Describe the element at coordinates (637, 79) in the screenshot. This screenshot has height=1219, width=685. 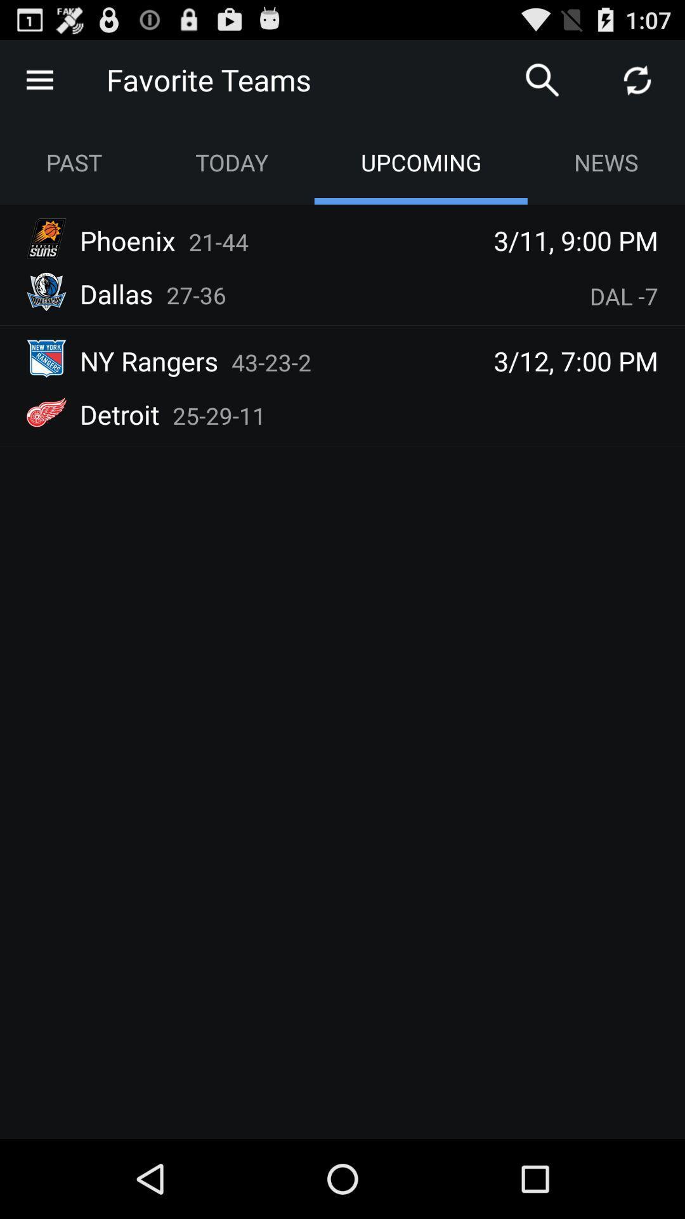
I see `icon right to search` at that location.